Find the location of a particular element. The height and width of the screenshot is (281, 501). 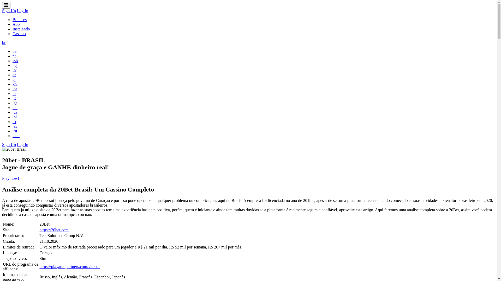

'fr' is located at coordinates (14, 122).